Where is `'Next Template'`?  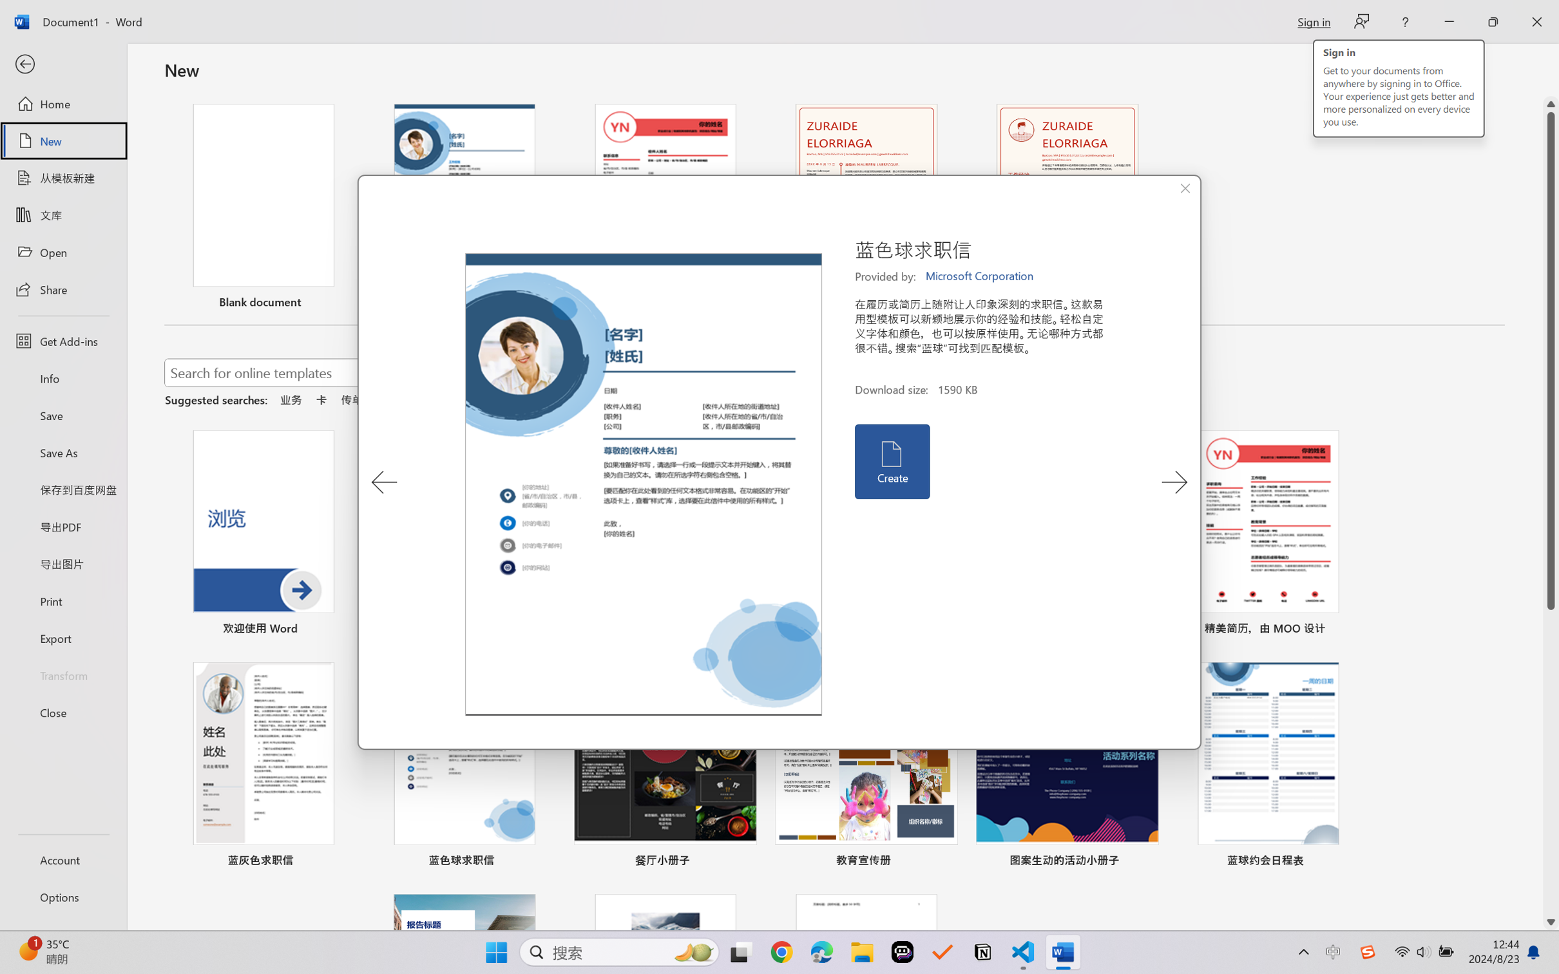
'Next Template' is located at coordinates (1174, 482).